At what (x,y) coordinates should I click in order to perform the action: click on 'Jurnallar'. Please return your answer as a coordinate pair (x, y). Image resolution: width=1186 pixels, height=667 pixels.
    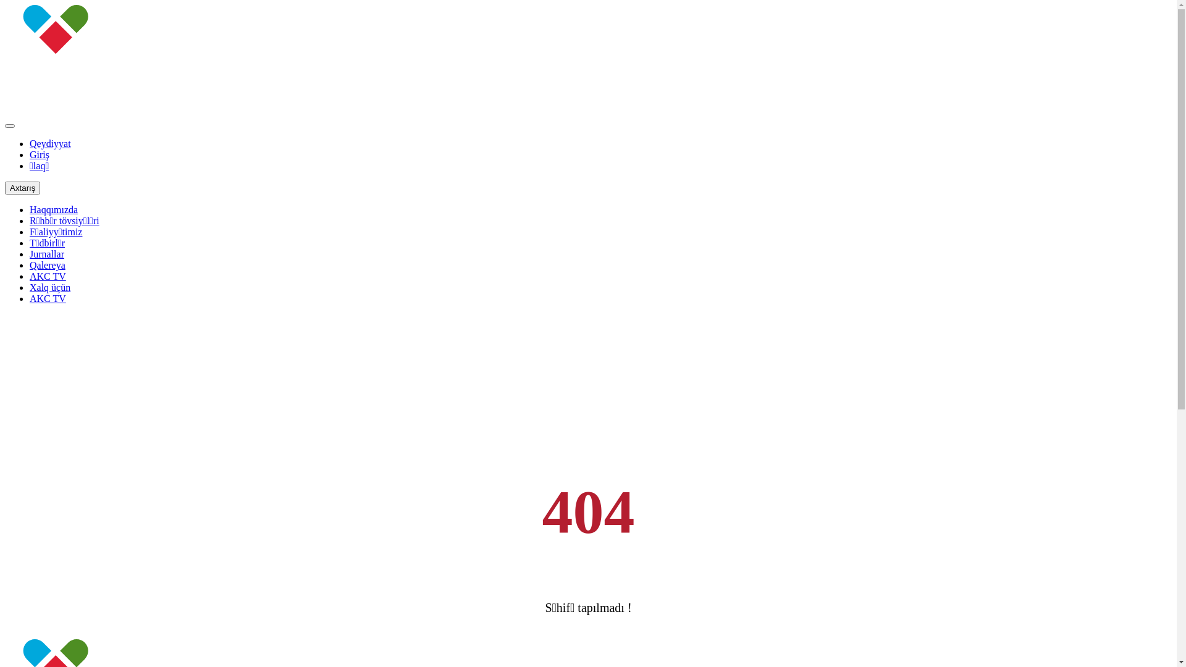
    Looking at the image, I should click on (47, 253).